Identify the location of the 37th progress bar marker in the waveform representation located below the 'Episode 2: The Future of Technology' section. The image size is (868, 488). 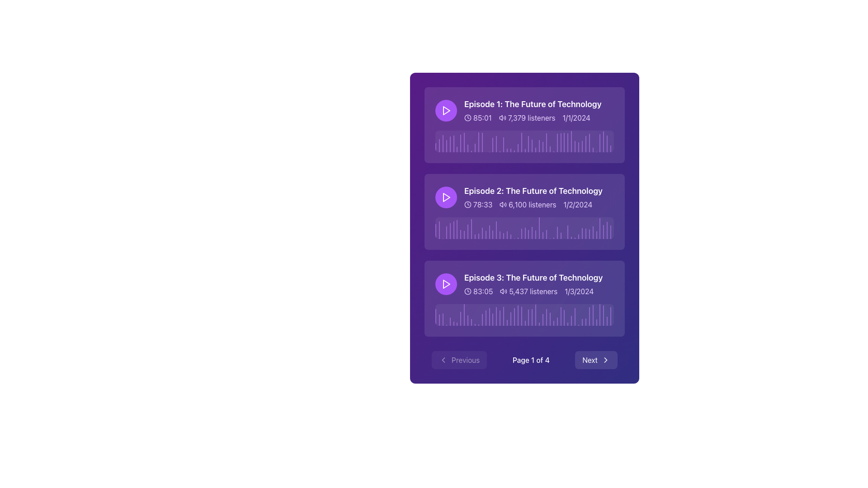
(567, 231).